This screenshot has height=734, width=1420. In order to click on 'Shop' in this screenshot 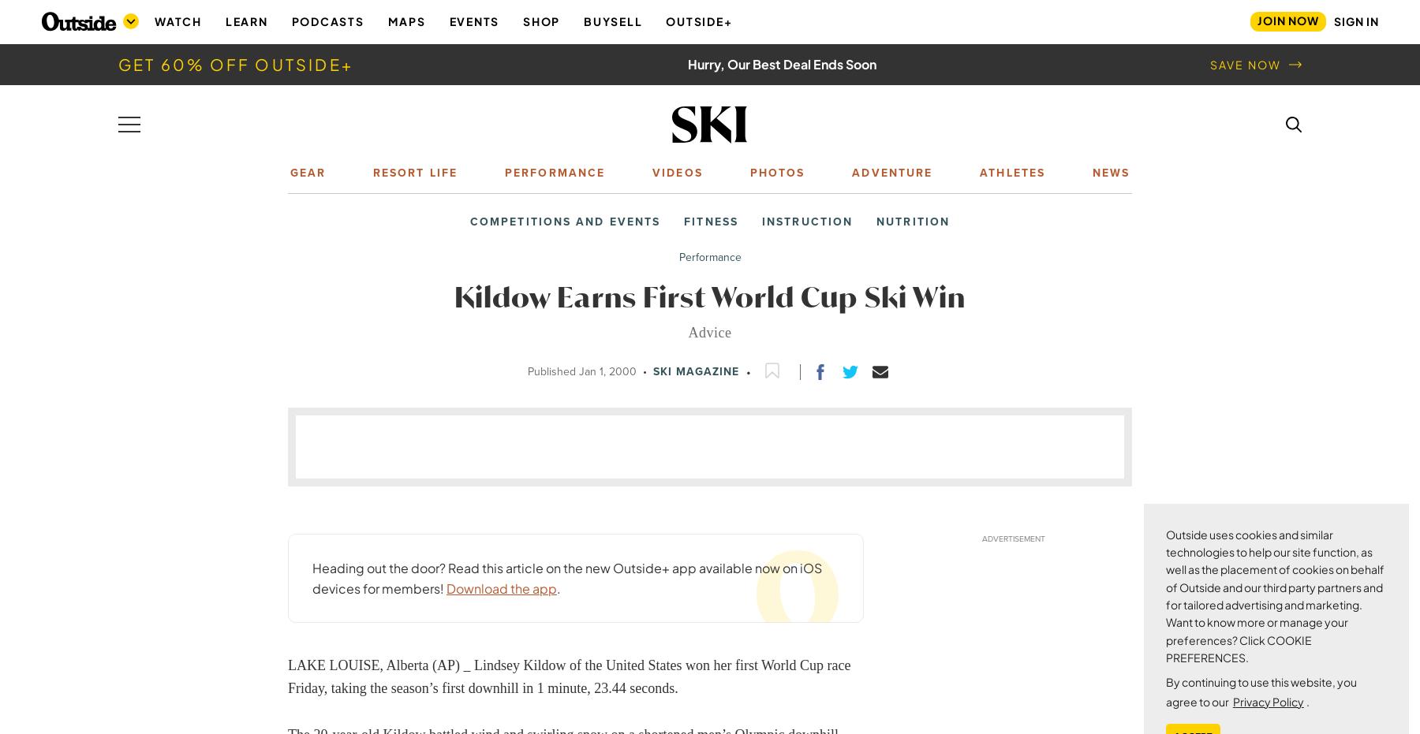, I will do `click(540, 20)`.